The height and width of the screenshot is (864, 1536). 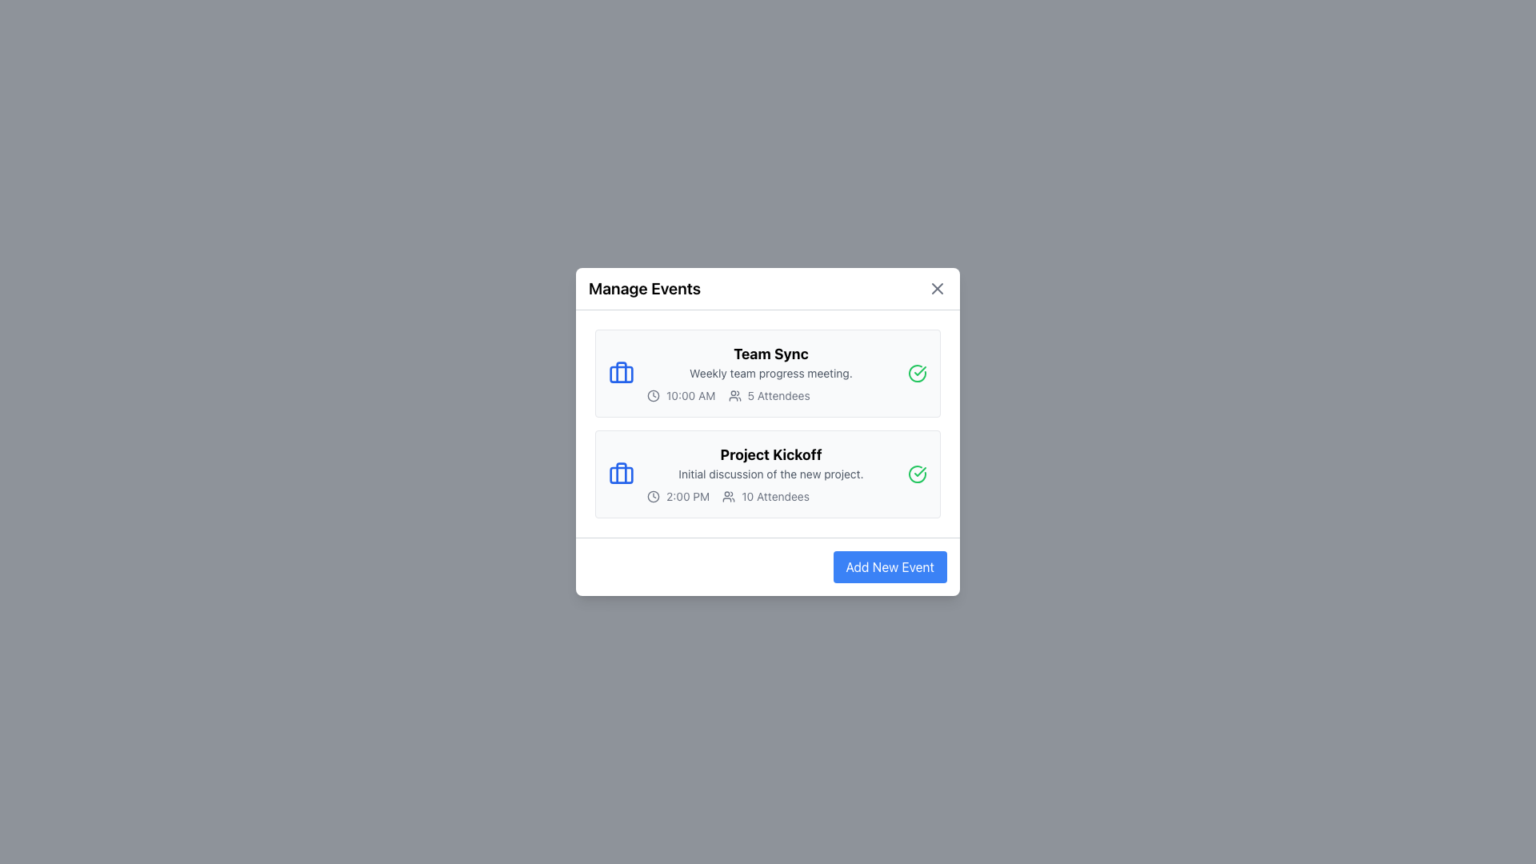 I want to click on the leftmost icon representing time information for '2:00 PM' in the 'Project Kickoff' layout, so click(x=653, y=496).